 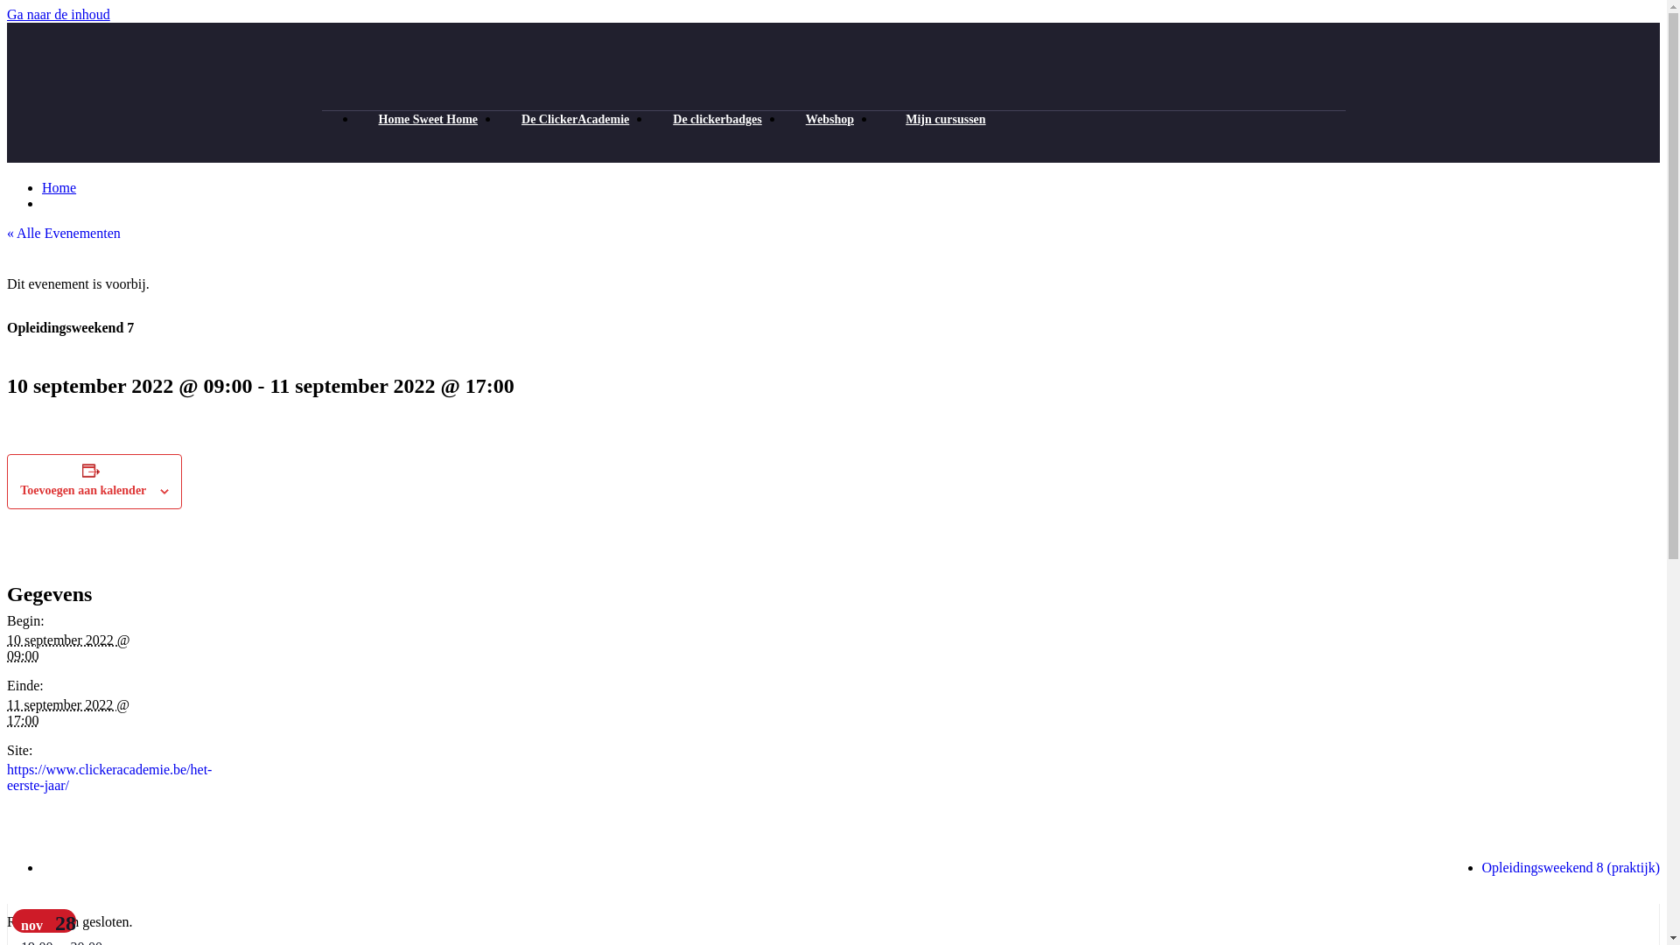 What do you see at coordinates (575, 118) in the screenshot?
I see `'De ClickerAcademie'` at bounding box center [575, 118].